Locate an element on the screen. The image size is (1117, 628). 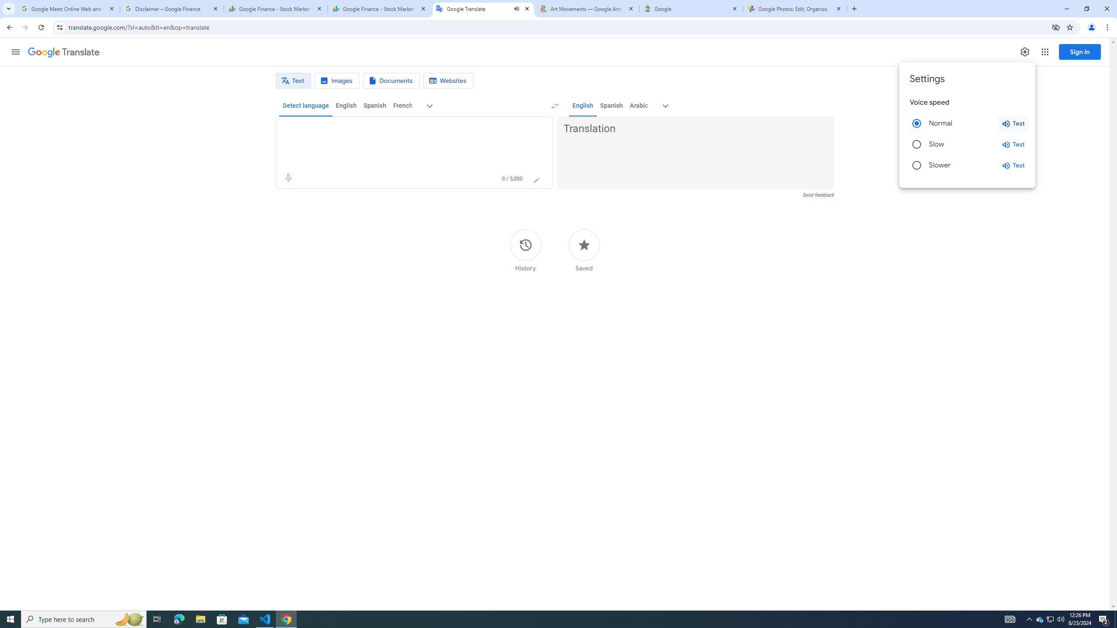
'Send feedback' is located at coordinates (818, 195).